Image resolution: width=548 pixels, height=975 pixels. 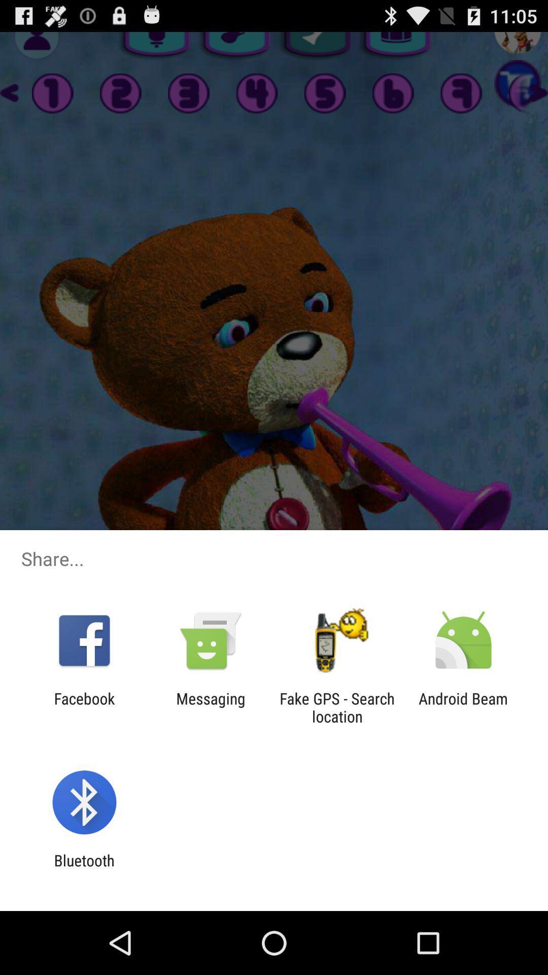 What do you see at coordinates (337, 707) in the screenshot?
I see `the fake gps search app` at bounding box center [337, 707].